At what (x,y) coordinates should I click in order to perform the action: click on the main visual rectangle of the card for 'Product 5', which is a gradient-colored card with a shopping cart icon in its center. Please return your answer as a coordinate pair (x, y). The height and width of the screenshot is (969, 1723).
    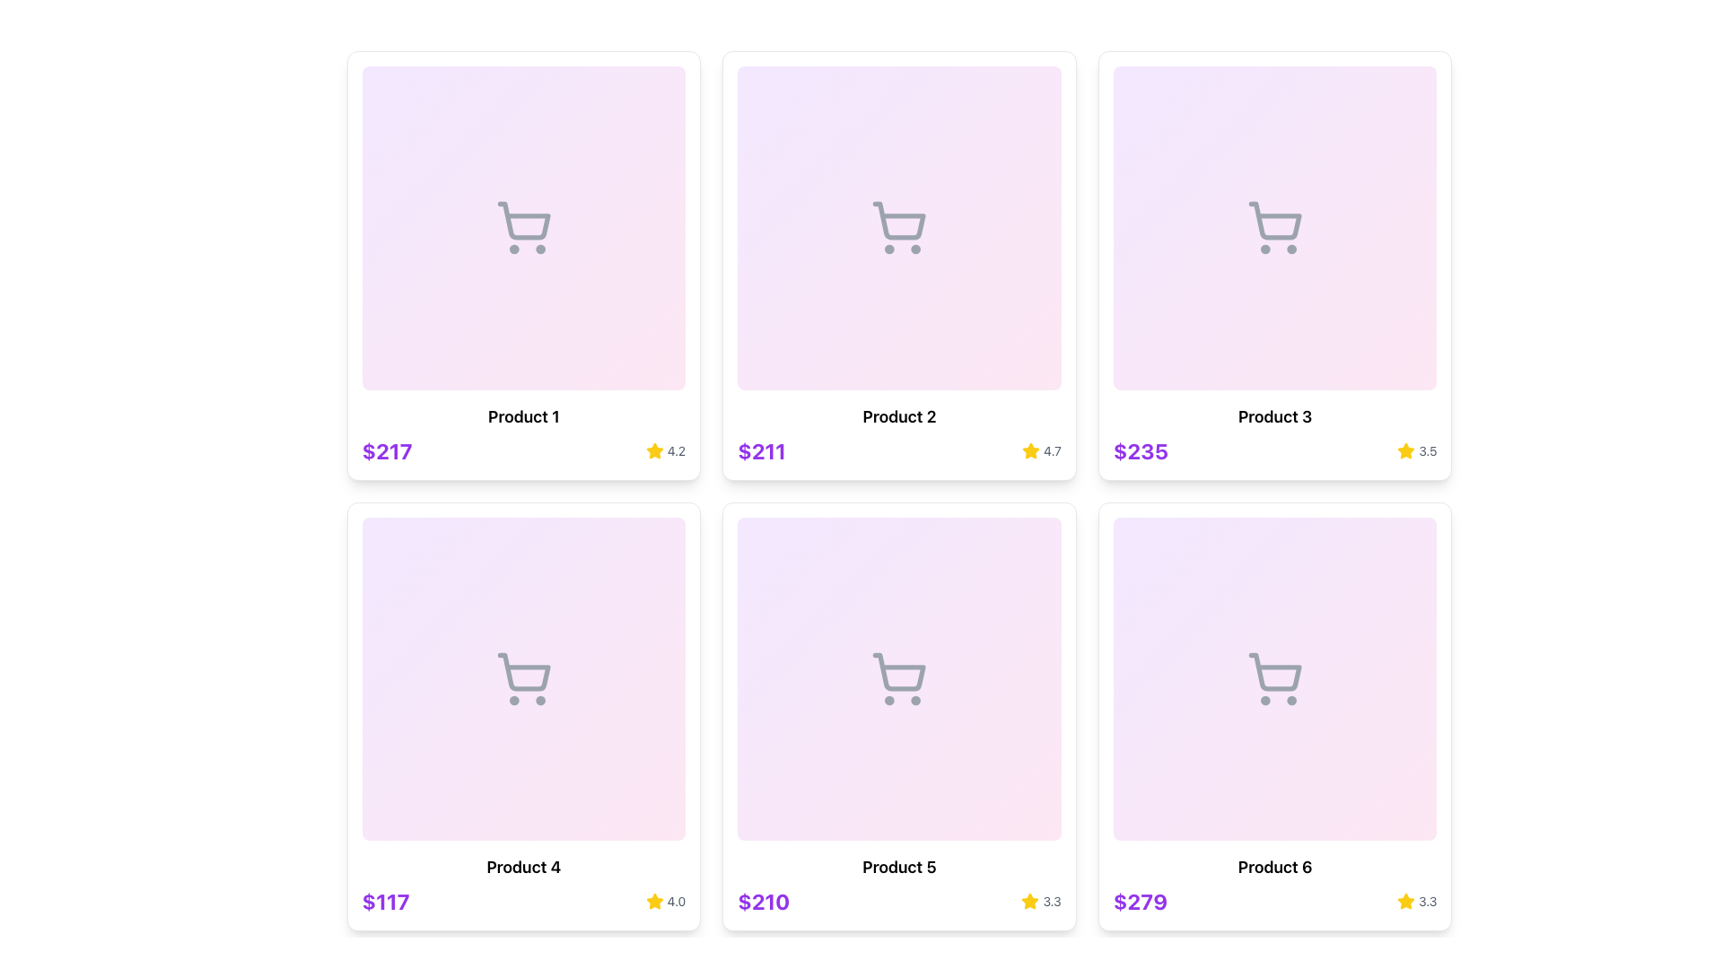
    Looking at the image, I should click on (899, 678).